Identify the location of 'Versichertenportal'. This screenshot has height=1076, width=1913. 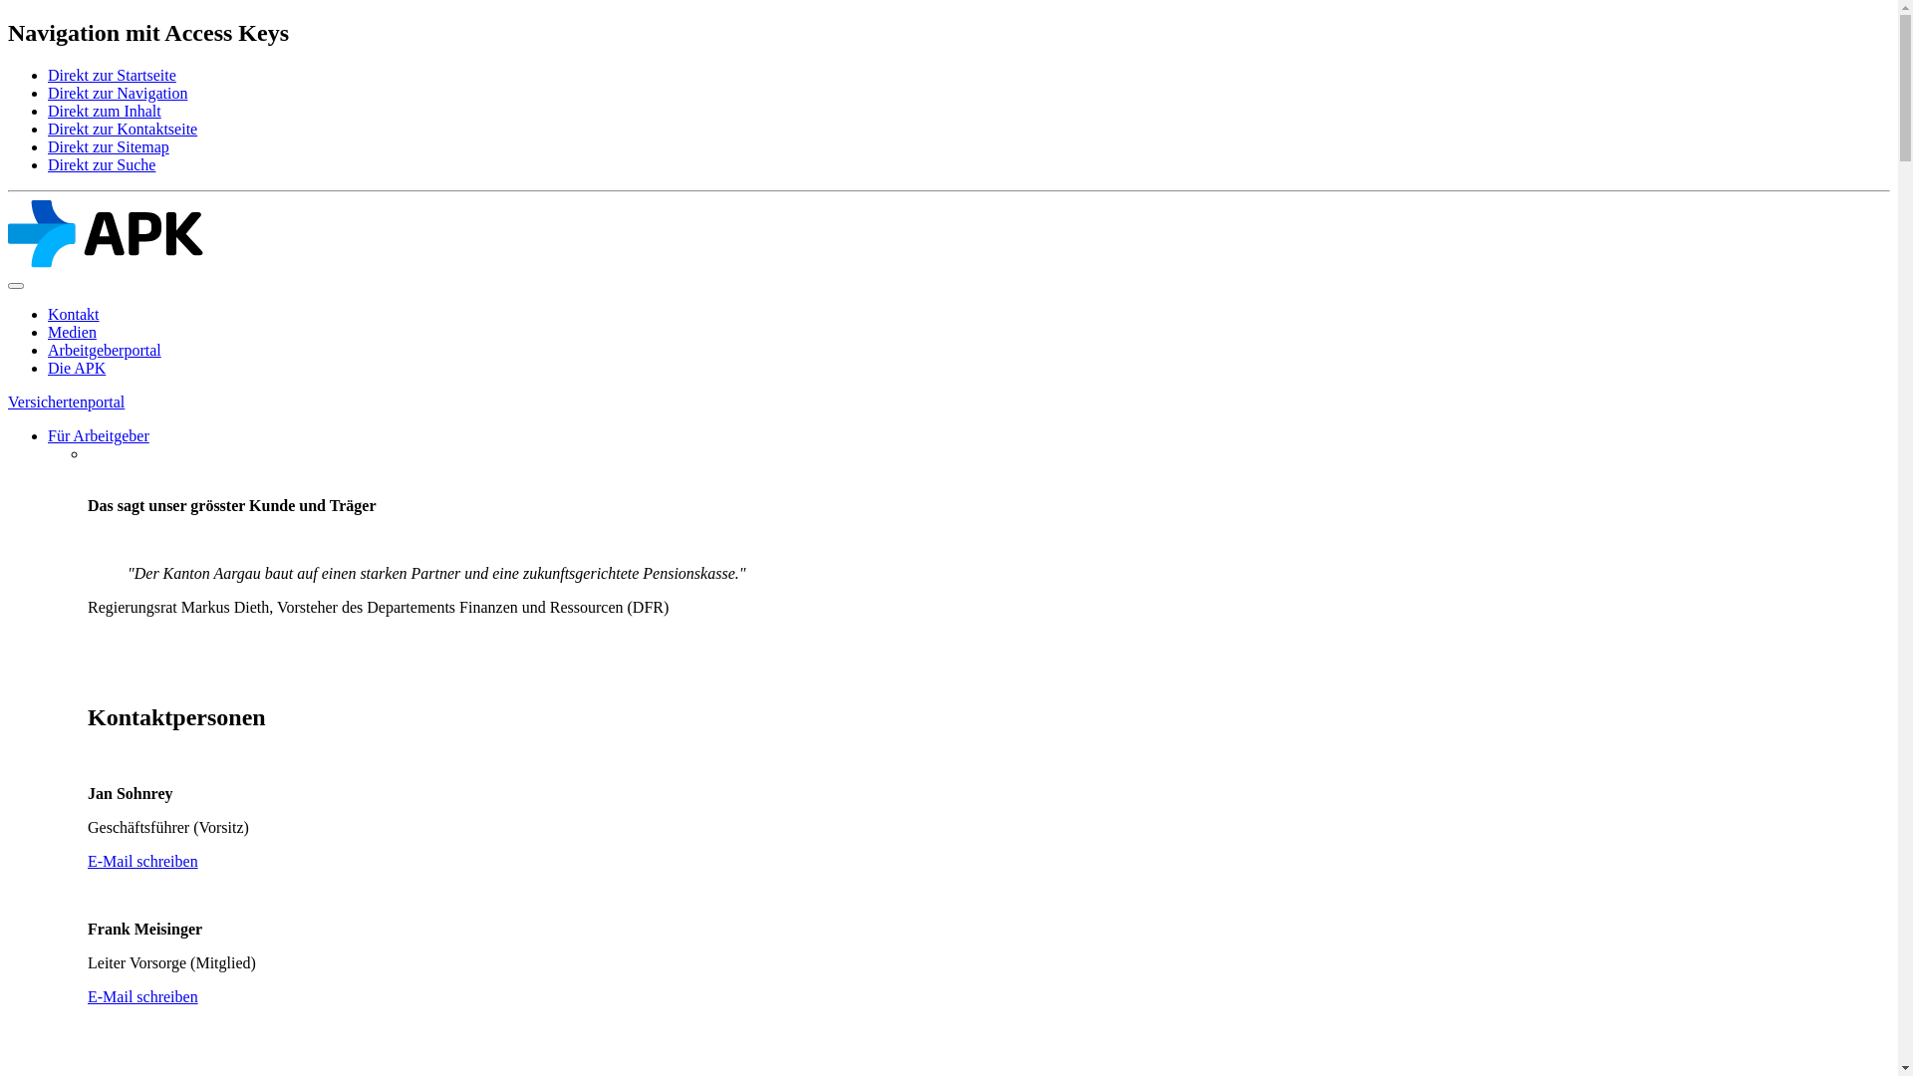
(66, 402).